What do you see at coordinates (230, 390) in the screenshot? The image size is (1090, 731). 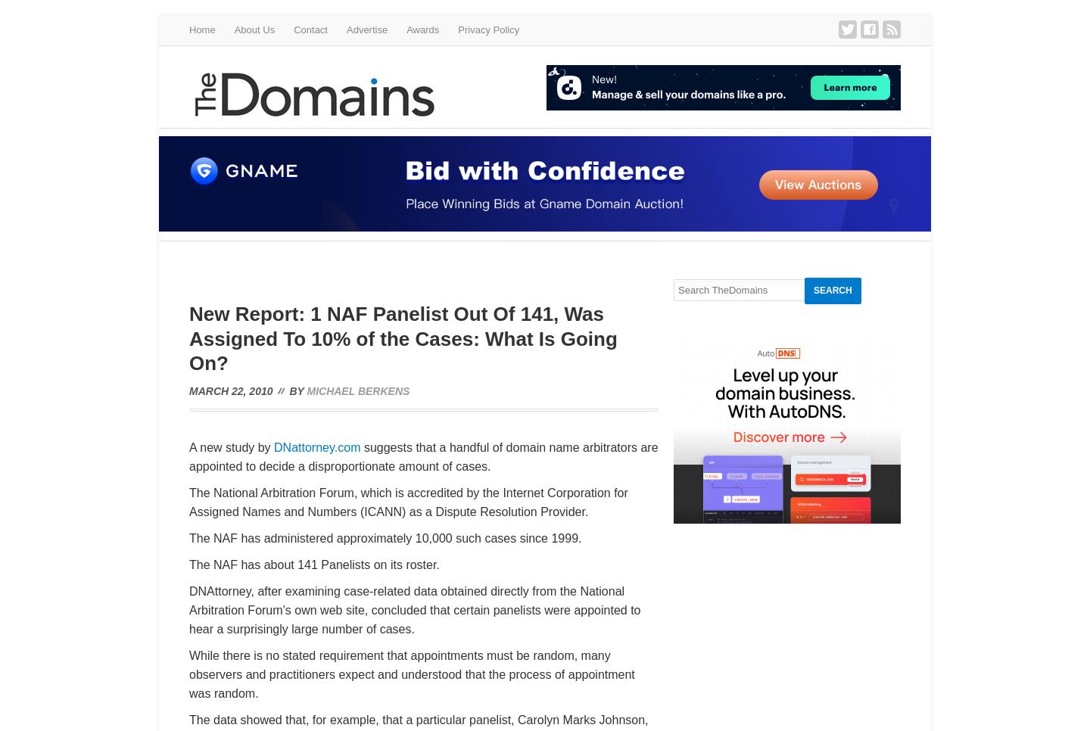 I see `'March 22, 2010'` at bounding box center [230, 390].